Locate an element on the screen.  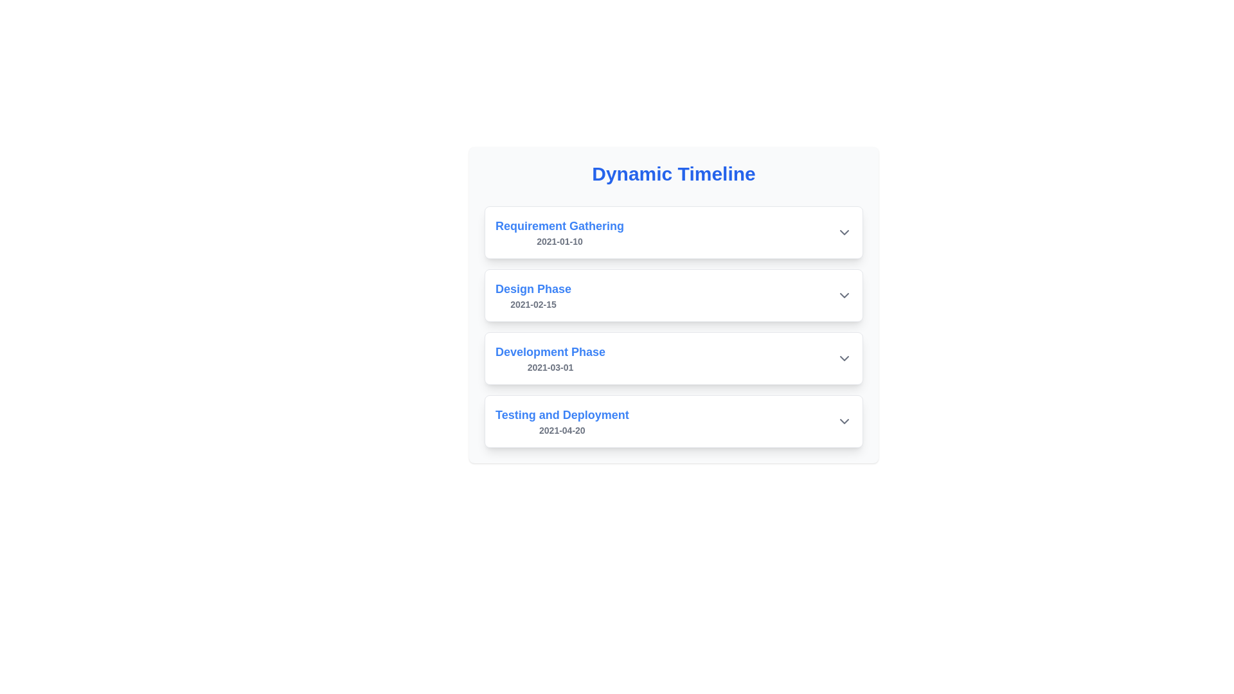
the downward-pointing gray chevron icon located at the rightmost side of the section header labeled 'Requirement Gathering 2021-01-10' is located at coordinates (845, 233).